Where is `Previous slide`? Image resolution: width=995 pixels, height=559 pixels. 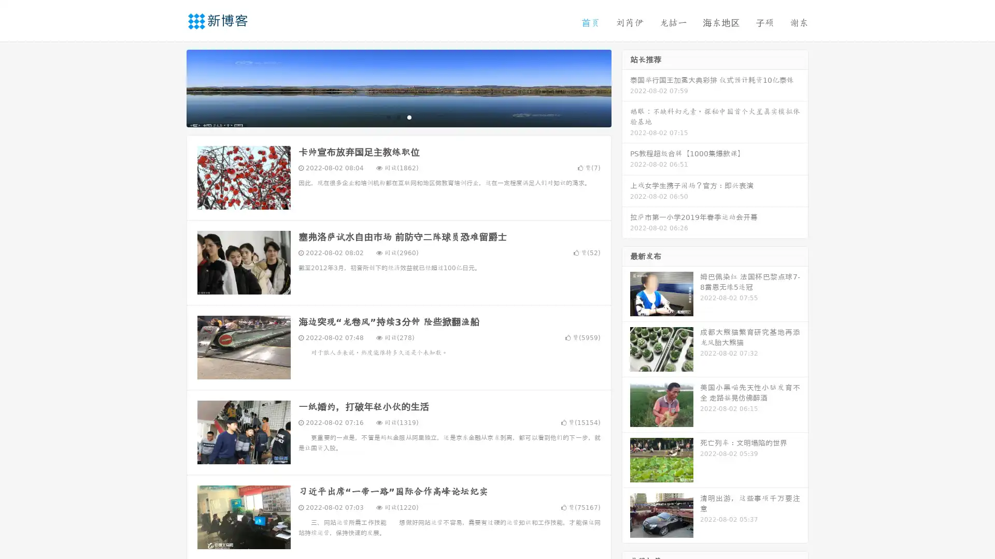 Previous slide is located at coordinates (171, 87).